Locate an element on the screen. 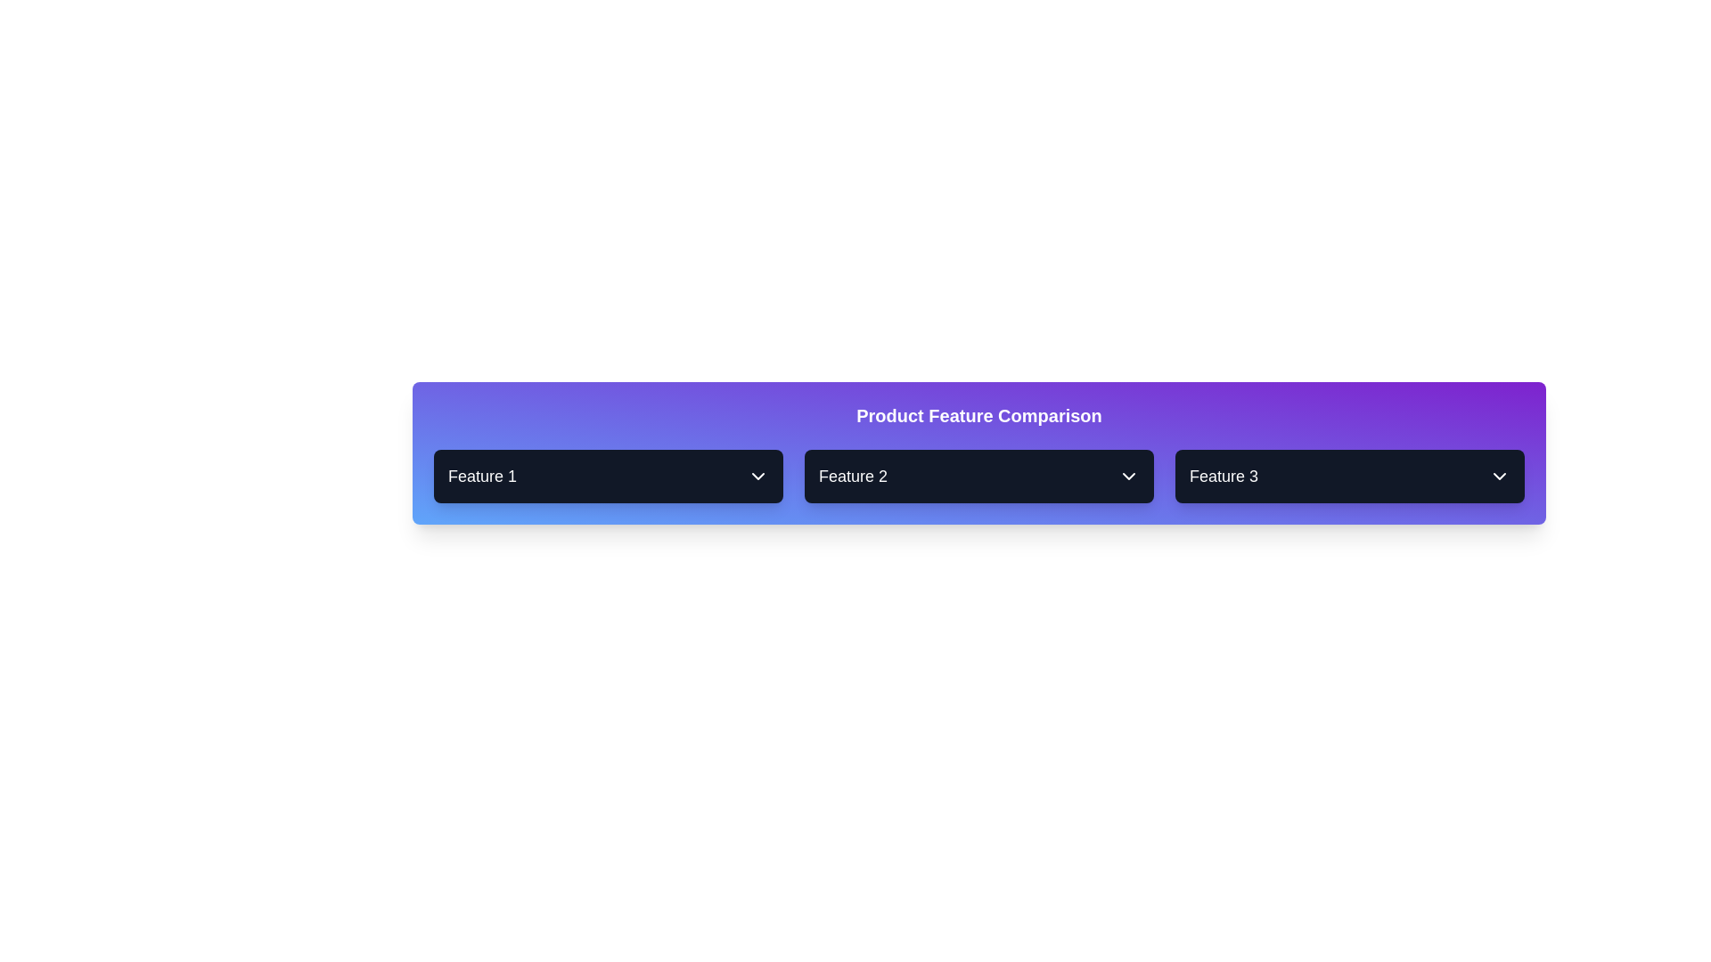 Image resolution: width=1711 pixels, height=962 pixels. the downwards-pointing chevron icon located on the far-right side of the 'Feature 3' dropdown box is located at coordinates (1499, 476).